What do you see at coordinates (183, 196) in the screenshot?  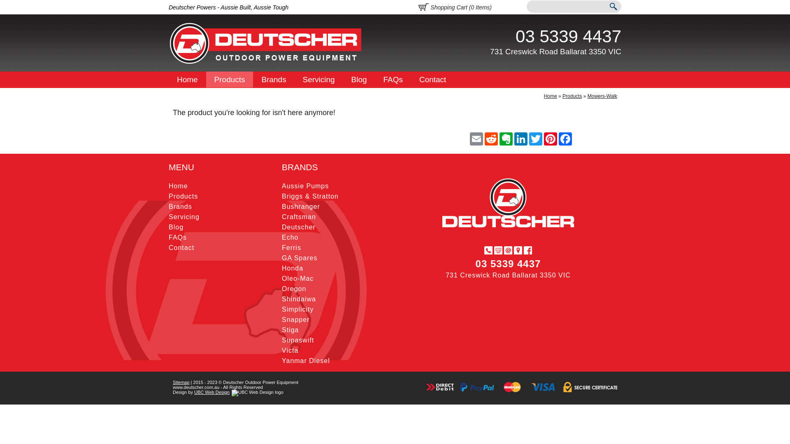 I see `'Products'` at bounding box center [183, 196].